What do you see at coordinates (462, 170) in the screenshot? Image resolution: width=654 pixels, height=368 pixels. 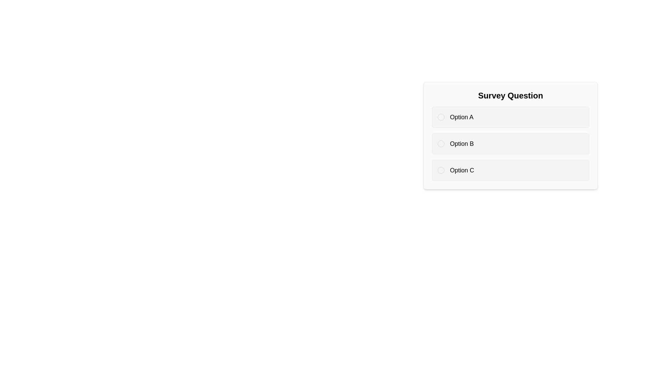 I see `the static text label reading 'Option C', which is styled with a large font and positioned next to a circular radio button in the vertically-stacked selection group titled 'Survey Question'` at bounding box center [462, 170].